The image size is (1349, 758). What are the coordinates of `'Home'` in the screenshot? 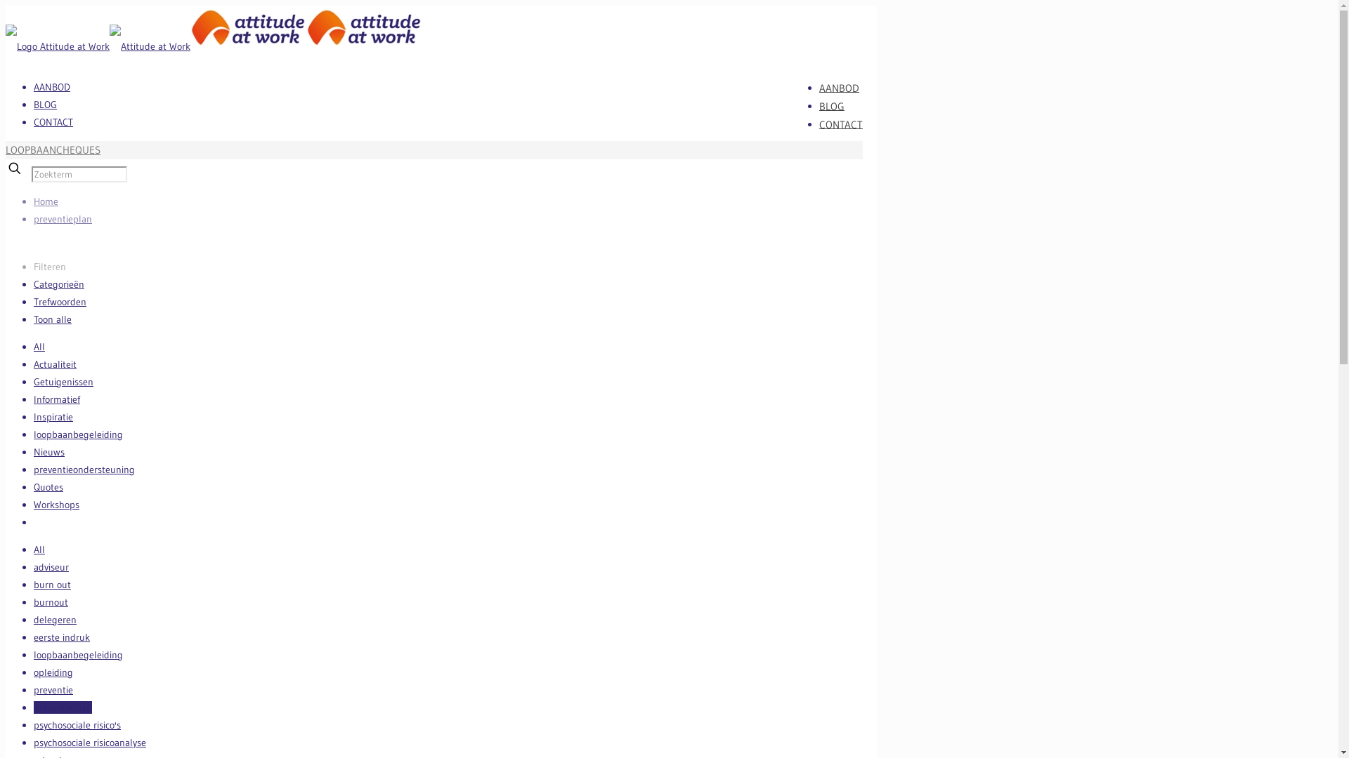 It's located at (46, 201).